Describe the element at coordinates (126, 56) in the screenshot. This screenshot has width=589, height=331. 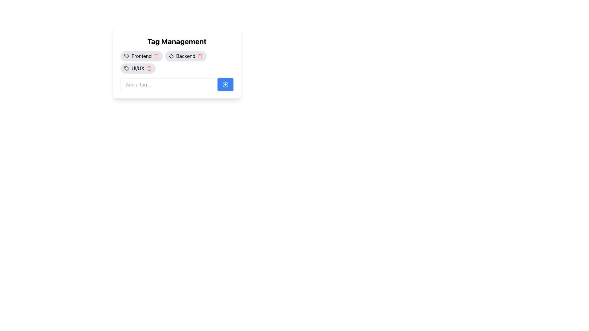
I see `the SVG icon that serves as a decorative tag for the 'Frontend' tag, located at the leftmost position in the tag group under 'Tag Management'` at that location.